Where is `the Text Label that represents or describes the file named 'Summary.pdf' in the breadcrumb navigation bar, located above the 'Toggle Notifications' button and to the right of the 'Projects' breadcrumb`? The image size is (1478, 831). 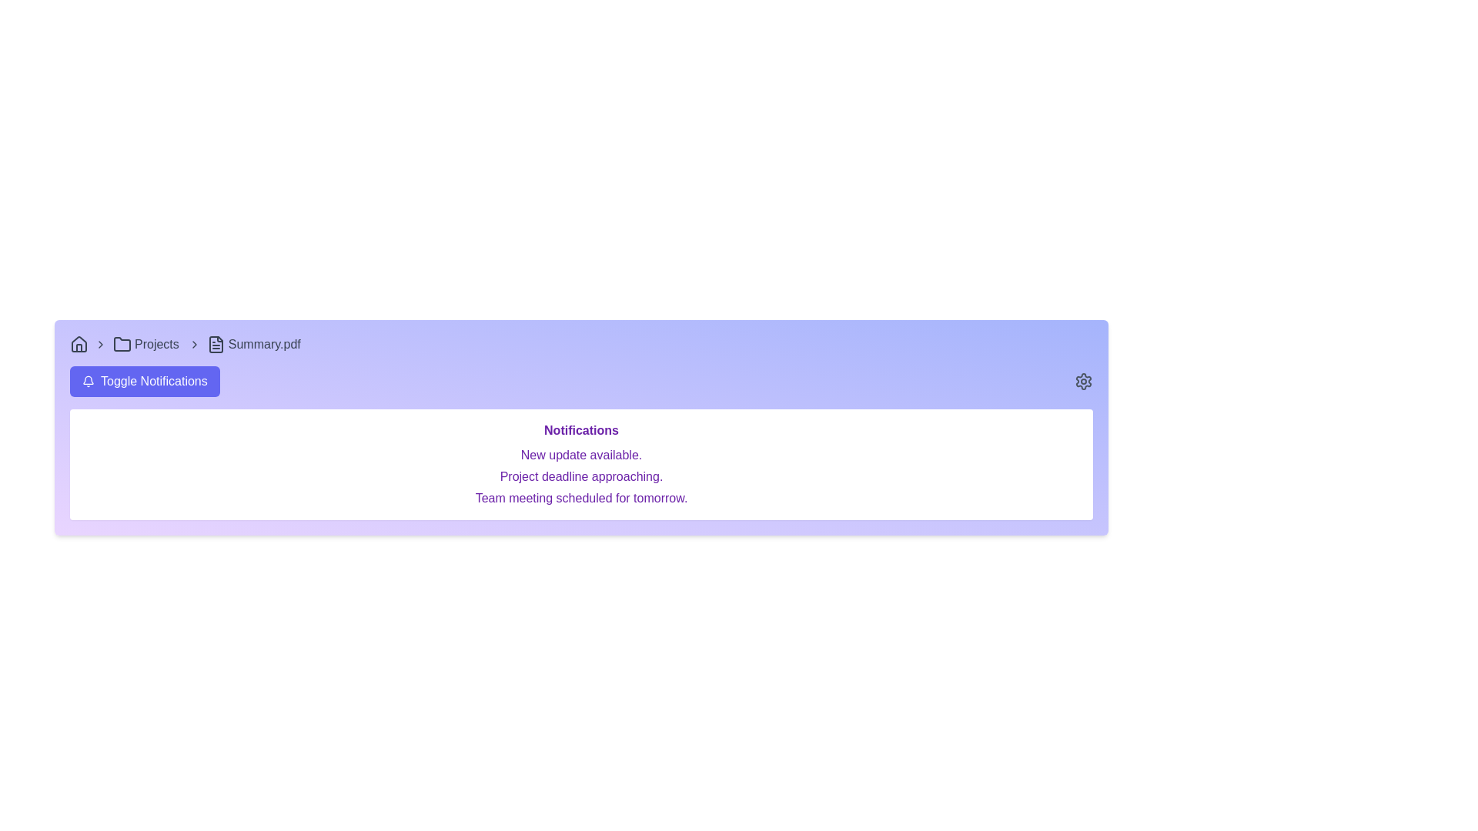
the Text Label that represents or describes the file named 'Summary.pdf' in the breadcrumb navigation bar, located above the 'Toggle Notifications' button and to the right of the 'Projects' breadcrumb is located at coordinates (264, 343).